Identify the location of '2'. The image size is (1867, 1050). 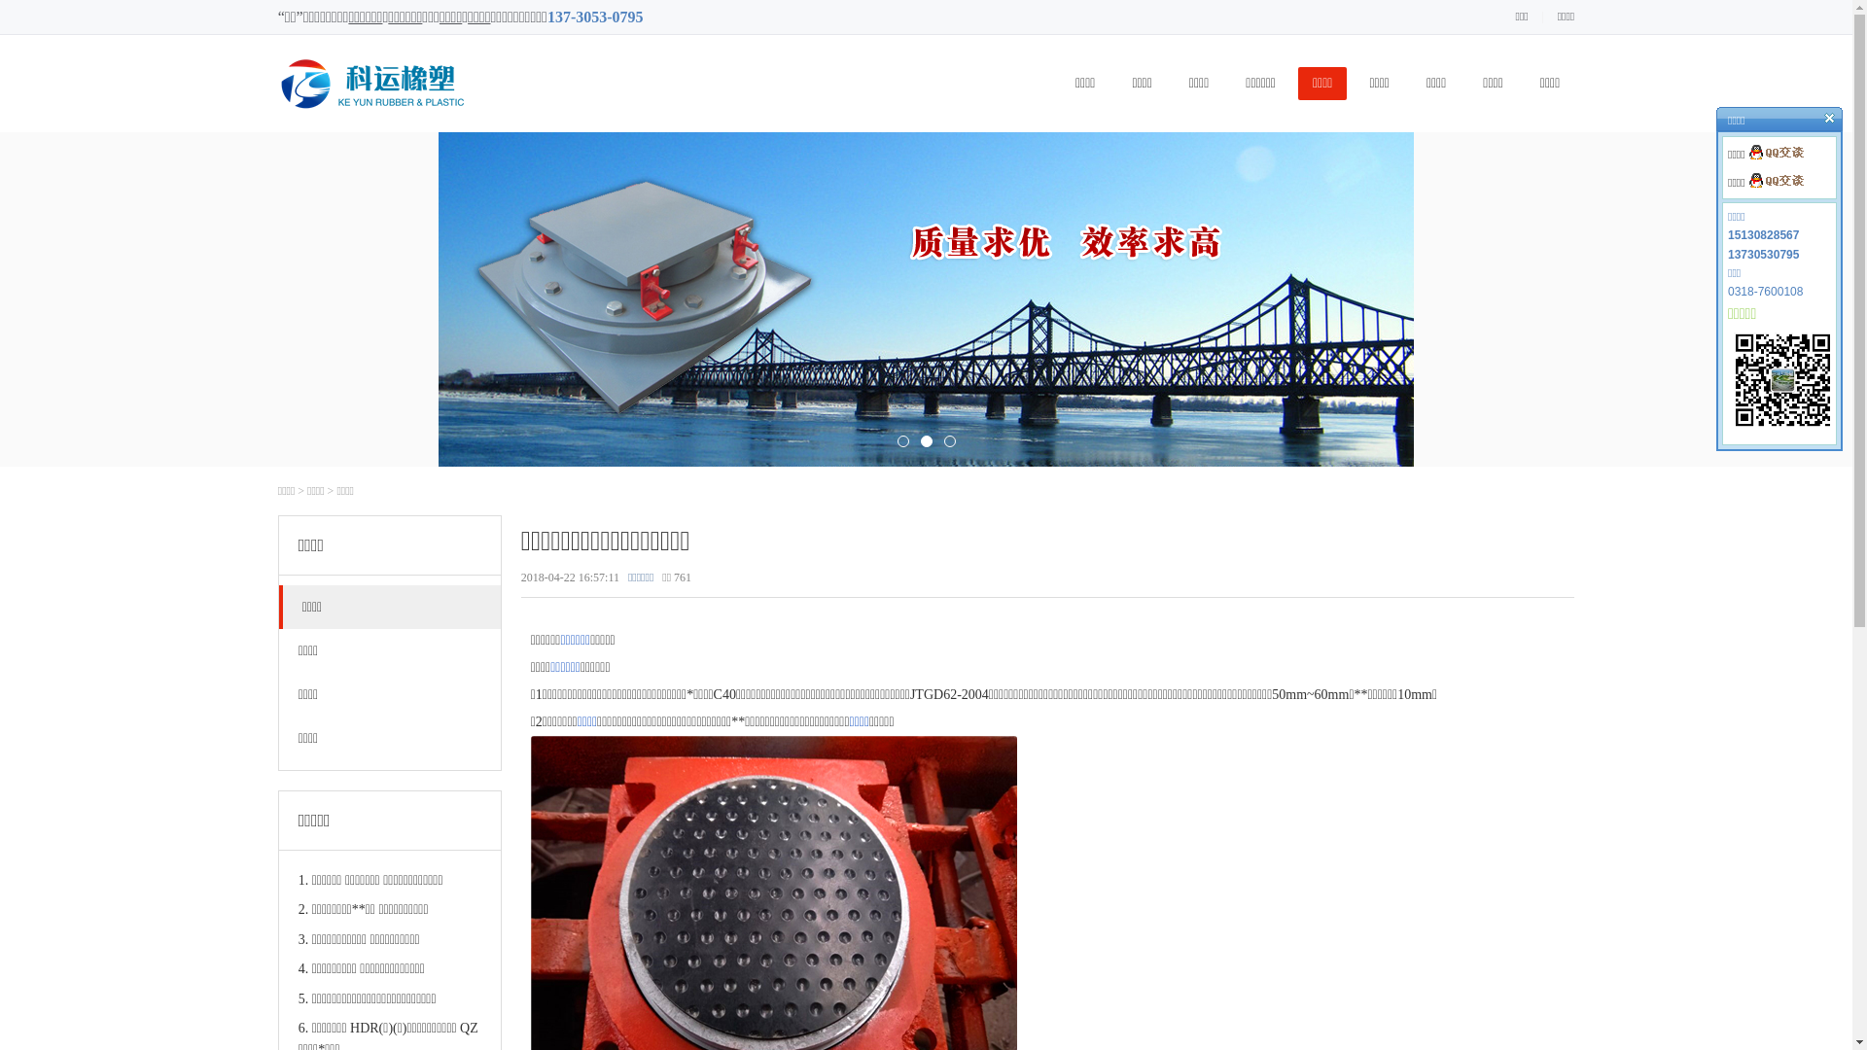
(924, 441).